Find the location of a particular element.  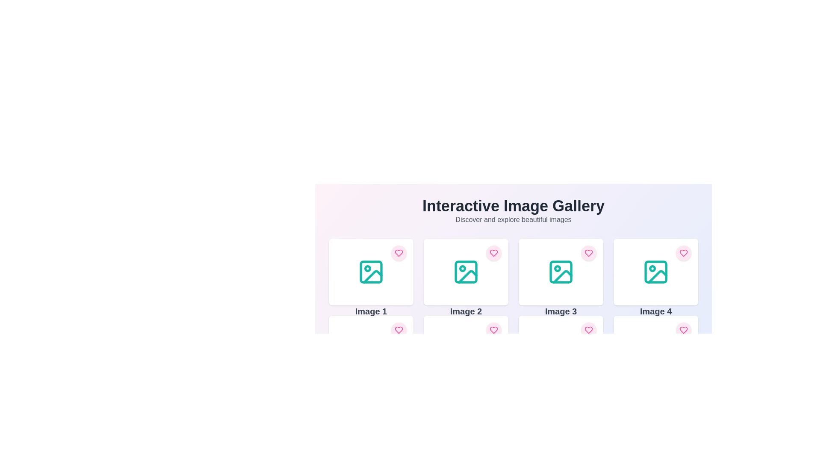

the primary icon representing 'Image 1', which is centrally positioned above the text 'Image 1' in the grid layout is located at coordinates (371, 272).